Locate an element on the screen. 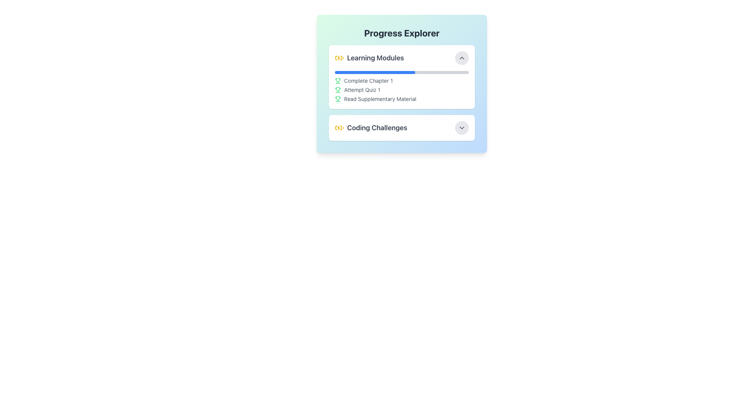  the 'Coding Challenges' icon is located at coordinates (339, 127).